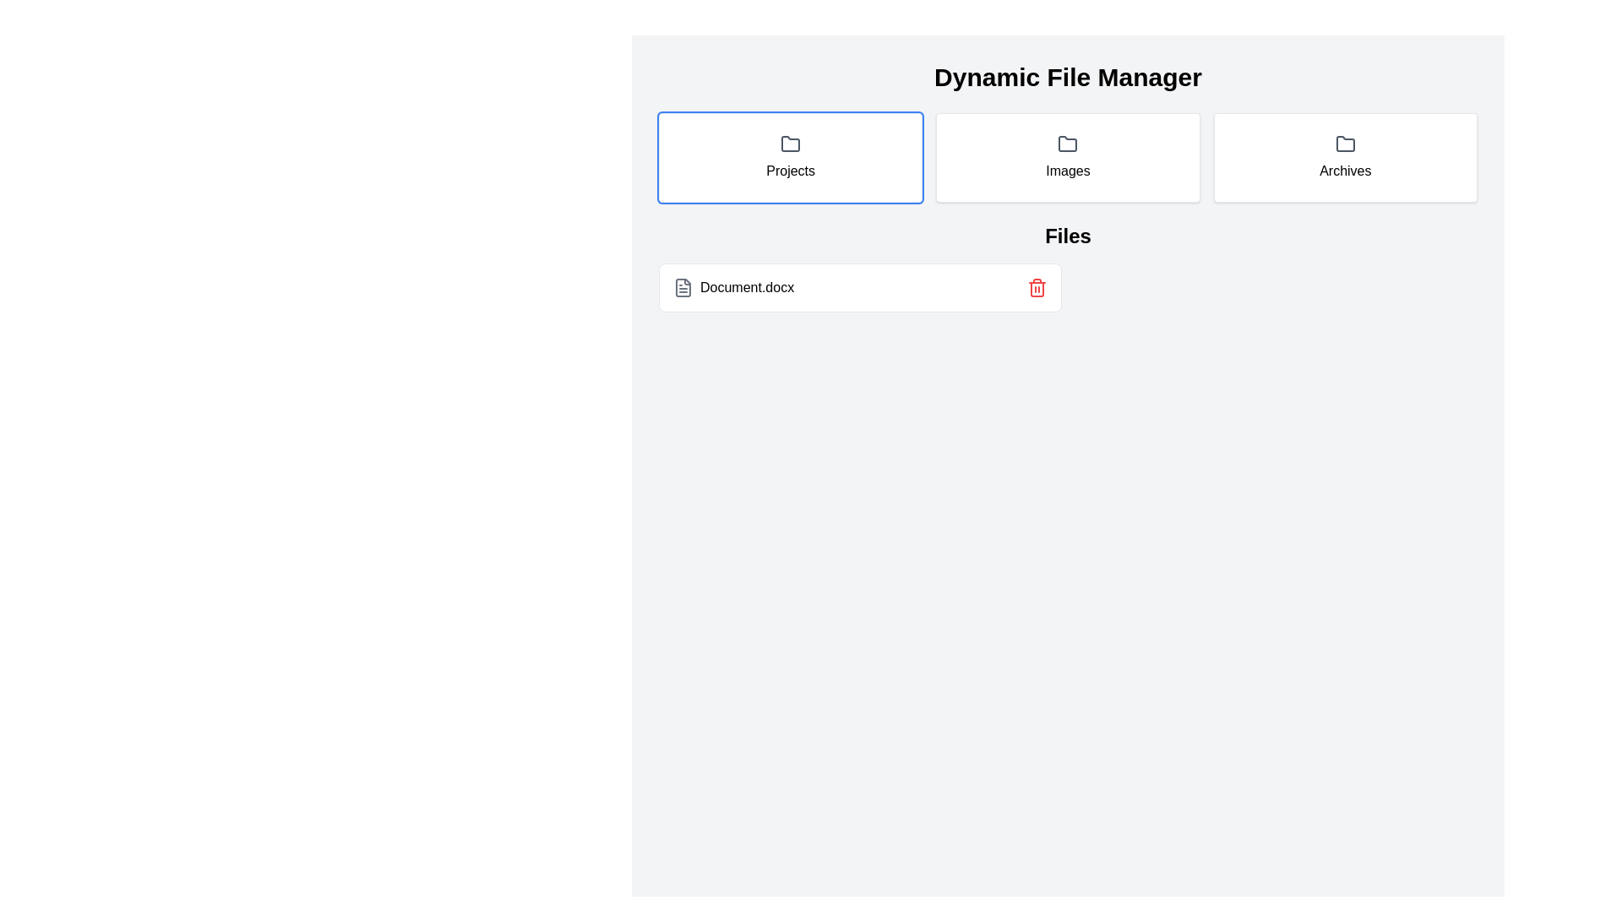 This screenshot has width=1622, height=912. Describe the element at coordinates (1036, 289) in the screenshot. I see `the curved segment of the red trash can icon, which is part of the SVG graphic, located directly below the top edge line of the bin` at that location.